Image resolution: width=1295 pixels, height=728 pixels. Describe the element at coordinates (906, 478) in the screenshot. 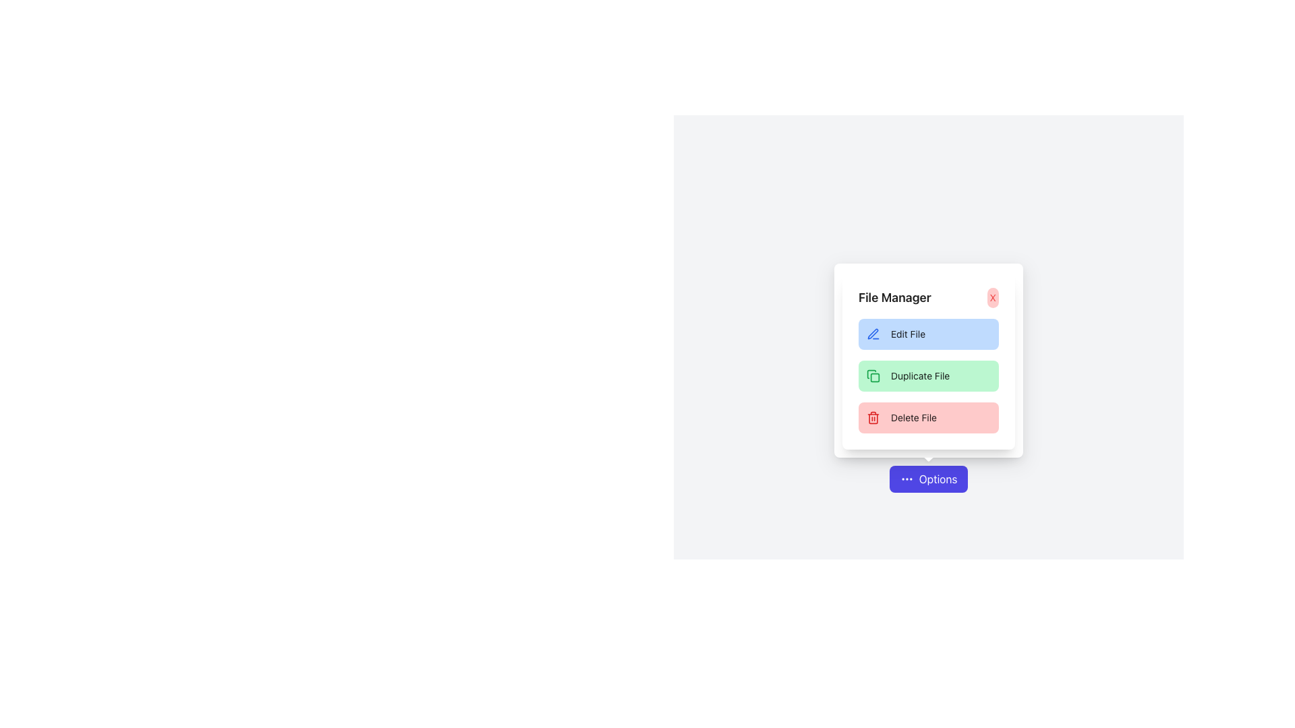

I see `the triple-dot icon on the left side of the 'Options' button` at that location.